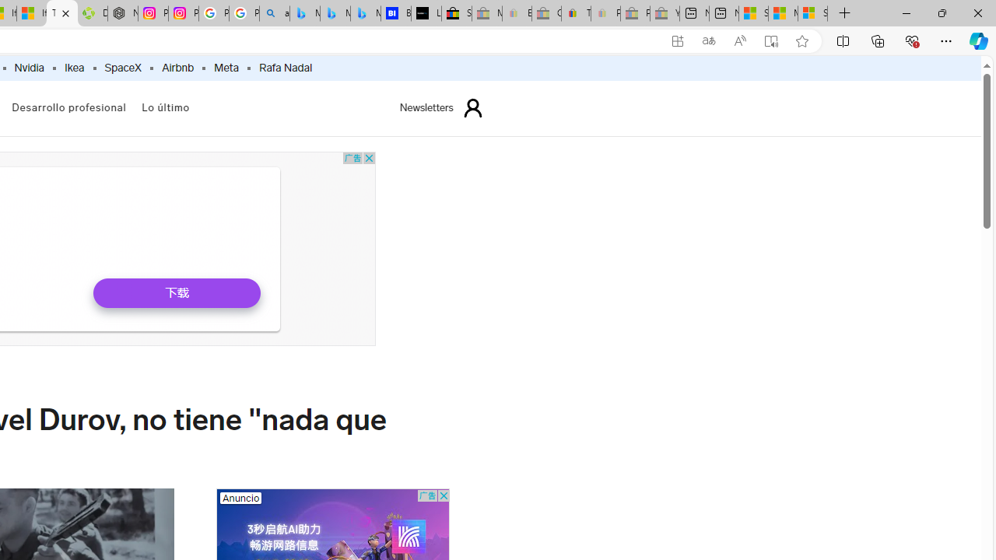  Describe the element at coordinates (122, 68) in the screenshot. I see `'SpaceX'` at that location.